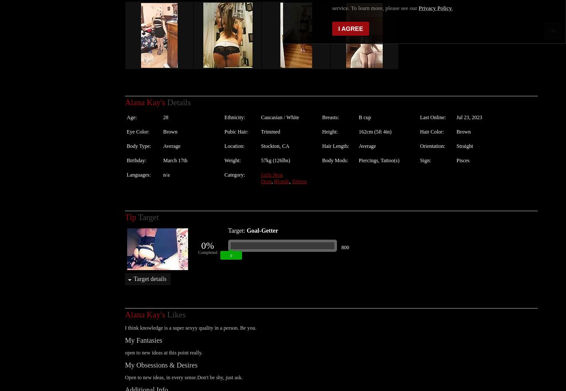 The image size is (566, 391). What do you see at coordinates (232, 150) in the screenshot?
I see `'Weight:'` at bounding box center [232, 150].